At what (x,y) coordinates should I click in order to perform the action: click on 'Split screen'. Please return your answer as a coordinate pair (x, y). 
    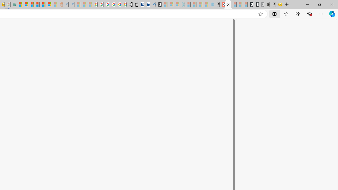
    Looking at the image, I should click on (275, 13).